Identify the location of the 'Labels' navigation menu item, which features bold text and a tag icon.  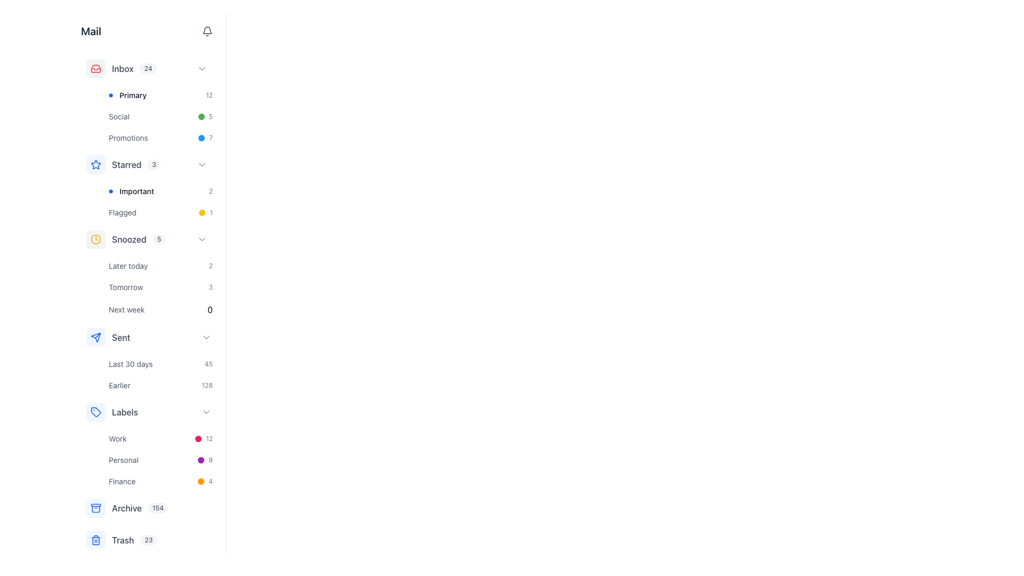
(112, 411).